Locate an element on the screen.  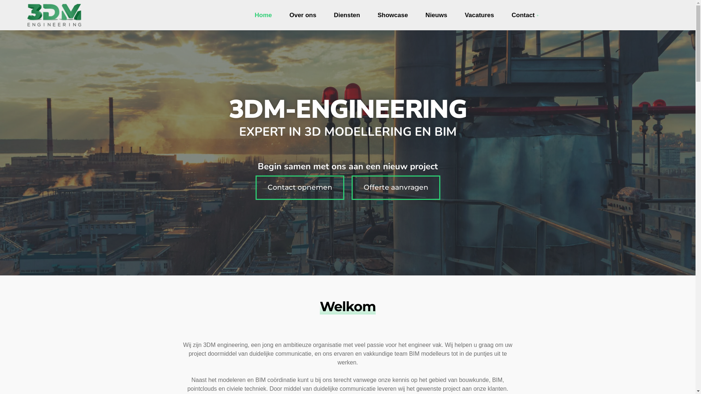
'Diensten' is located at coordinates (346, 15).